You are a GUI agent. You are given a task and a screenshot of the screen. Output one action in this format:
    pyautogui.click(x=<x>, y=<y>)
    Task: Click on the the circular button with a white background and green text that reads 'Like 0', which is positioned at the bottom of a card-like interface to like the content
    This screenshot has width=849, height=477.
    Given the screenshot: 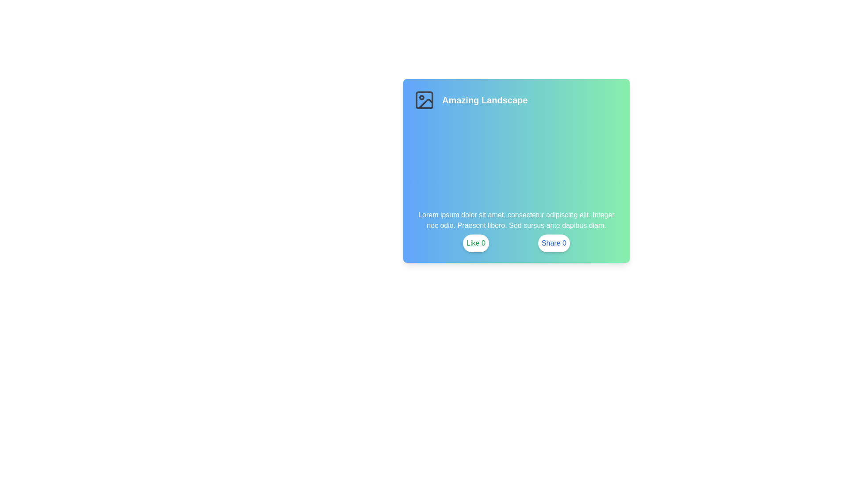 What is the action you would take?
    pyautogui.click(x=475, y=243)
    